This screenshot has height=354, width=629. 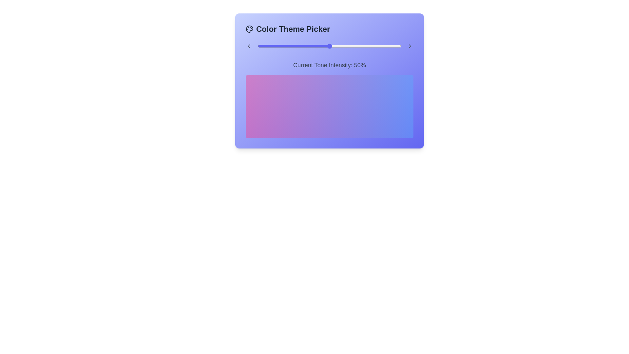 I want to click on the tone intensity slider to 44%, so click(x=321, y=46).